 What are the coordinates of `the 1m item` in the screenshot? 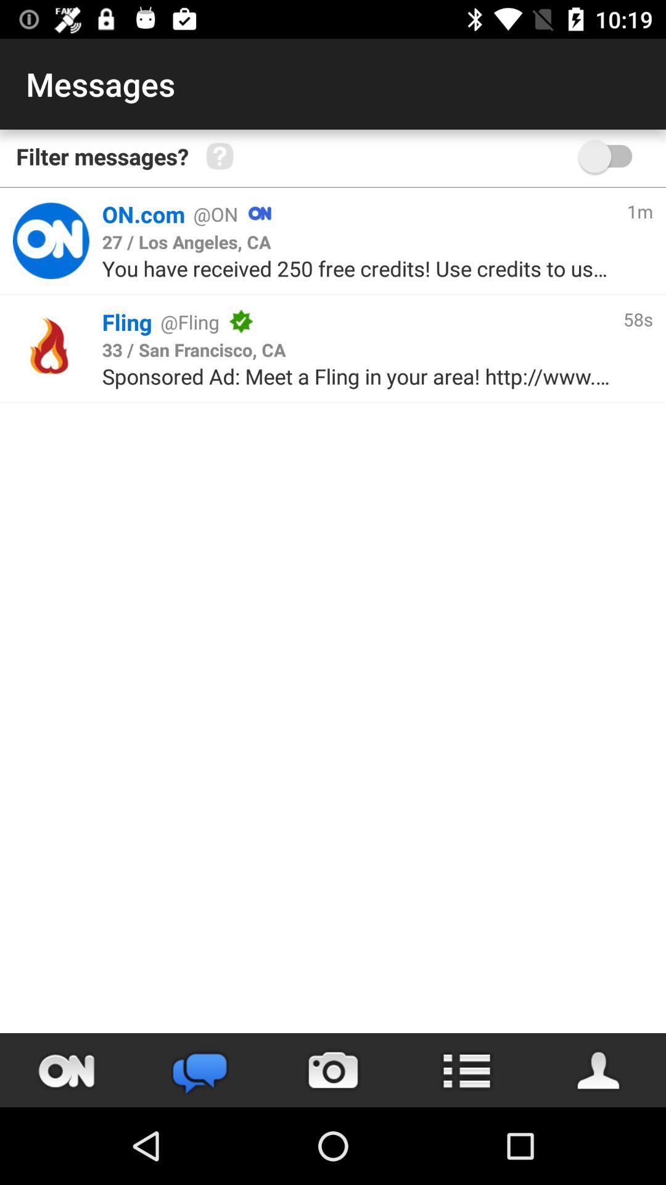 It's located at (639, 211).